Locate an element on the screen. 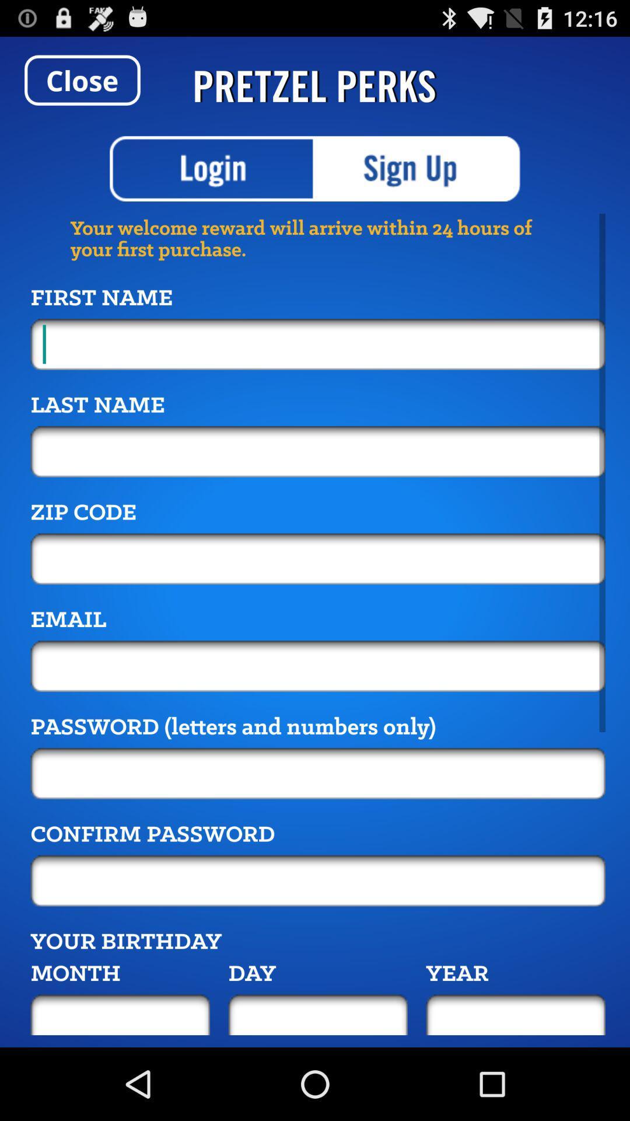  birth year is located at coordinates (515, 1014).